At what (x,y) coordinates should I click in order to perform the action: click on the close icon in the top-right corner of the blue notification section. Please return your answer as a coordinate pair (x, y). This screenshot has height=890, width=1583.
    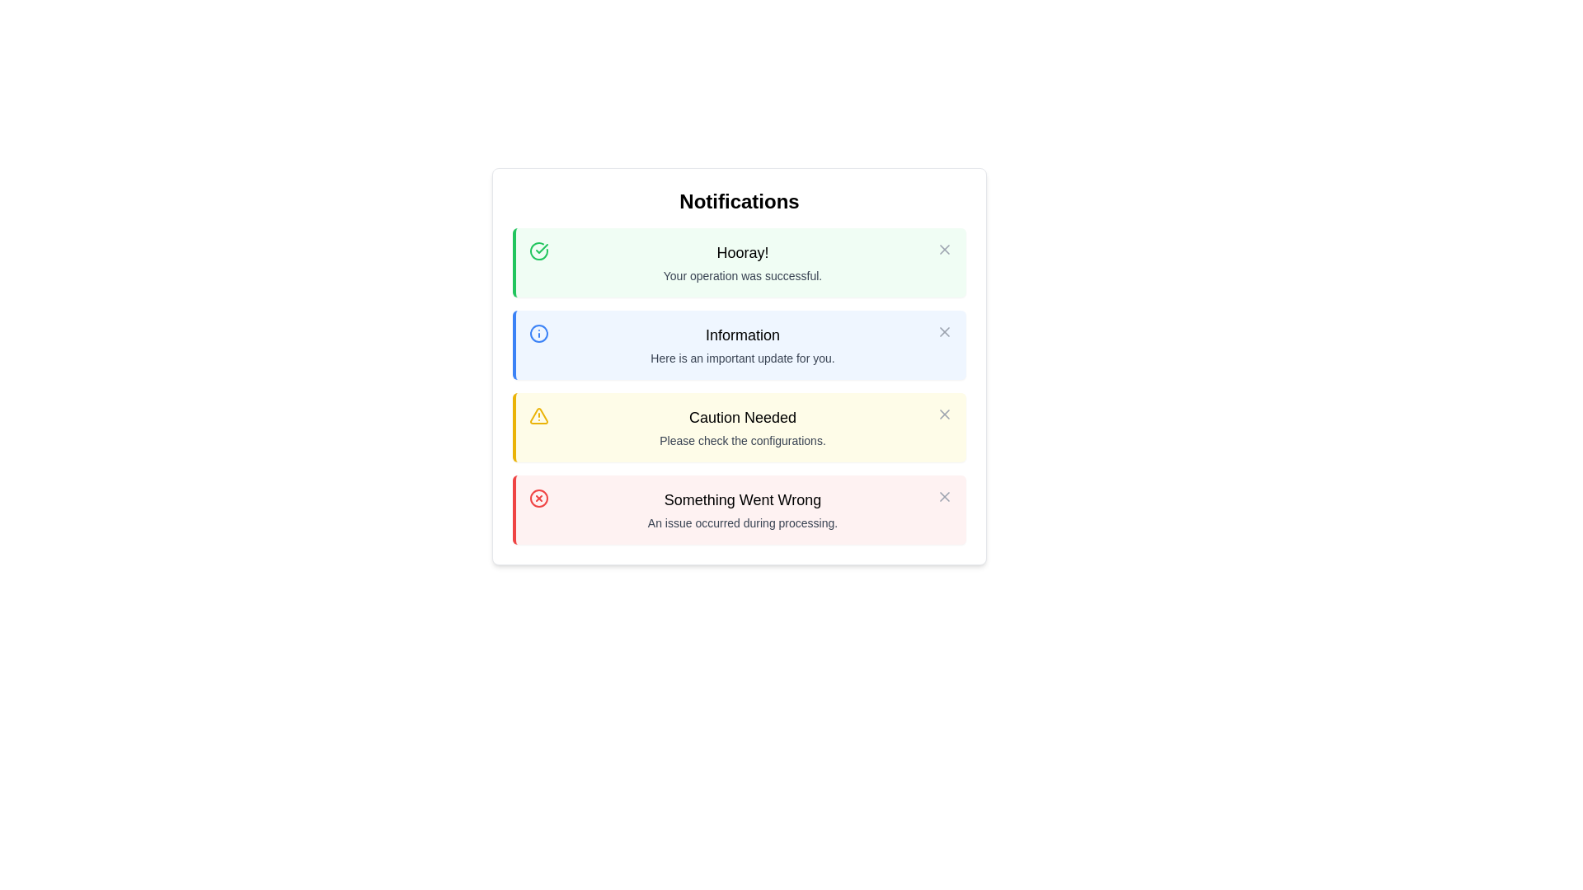
    Looking at the image, I should click on (945, 331).